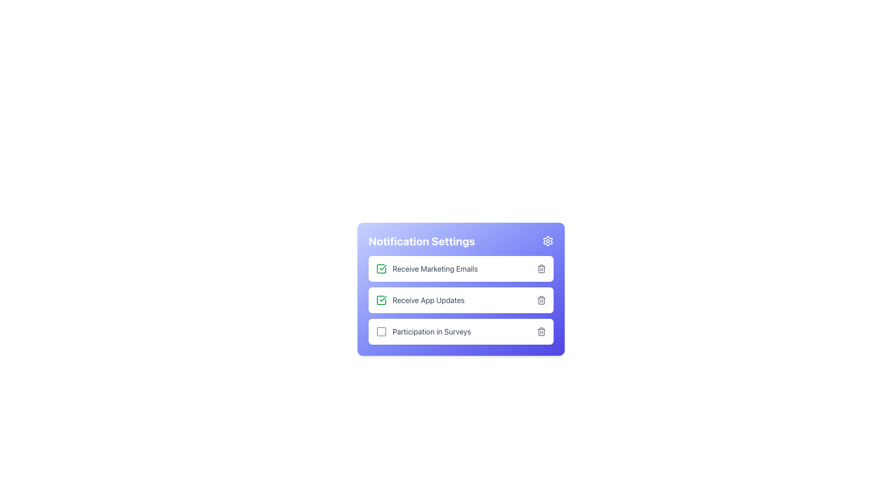 Image resolution: width=888 pixels, height=499 pixels. Describe the element at coordinates (461, 300) in the screenshot. I see `the 'Receive App Updates' toggleable list option, which features a white background, round corners, and includes a green checkmark icon on the left and a trash bin icon on the right` at that location.